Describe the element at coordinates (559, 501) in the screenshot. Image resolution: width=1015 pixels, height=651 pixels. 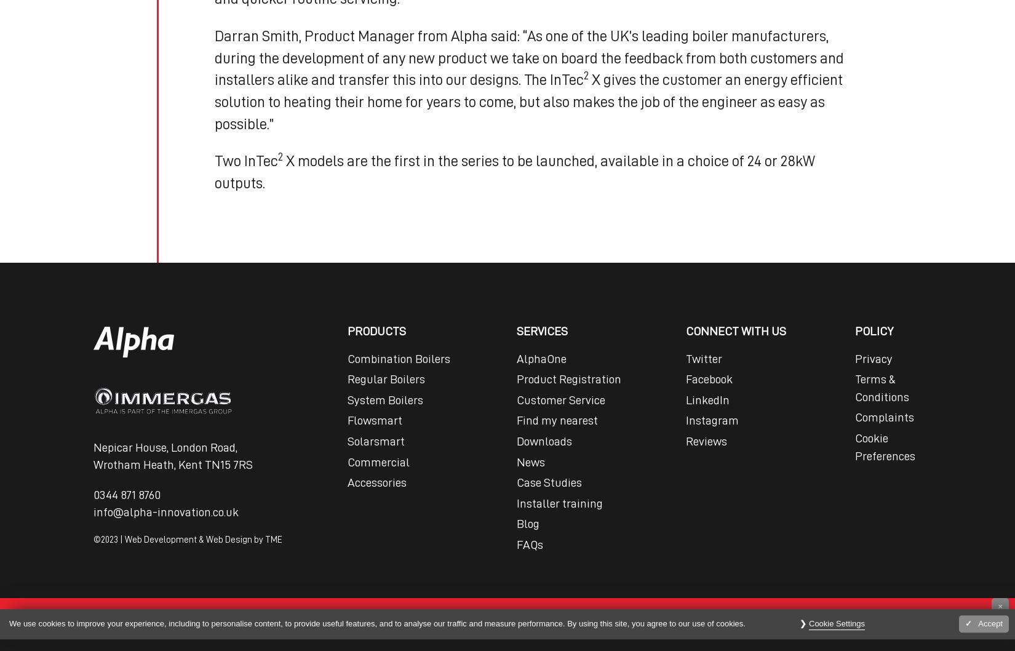
I see `'Installer training'` at that location.